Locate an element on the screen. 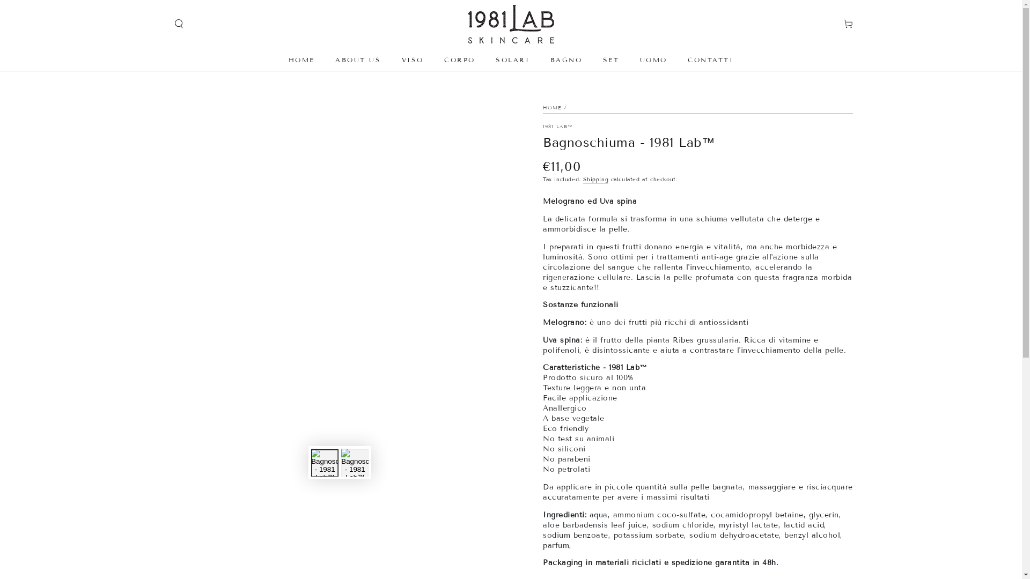 This screenshot has width=1030, height=579. 'UOMO' is located at coordinates (653, 60).